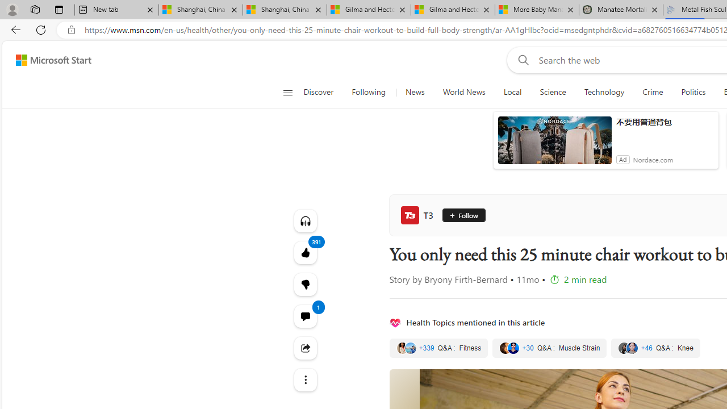  Describe the element at coordinates (463, 92) in the screenshot. I see `'World News'` at that location.